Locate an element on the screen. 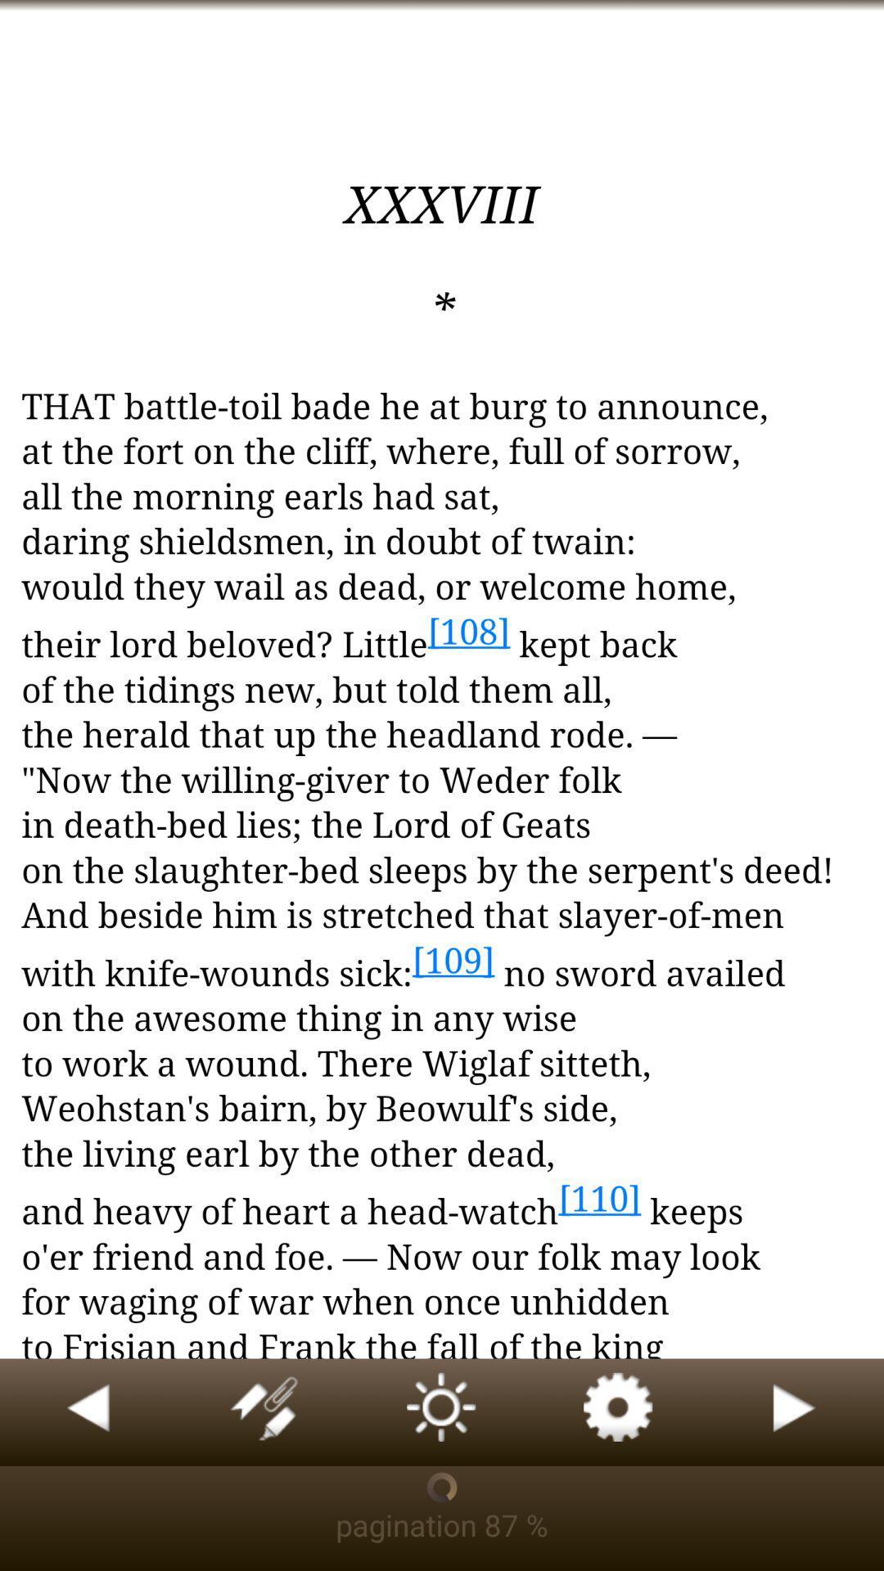 Image resolution: width=884 pixels, height=1571 pixels. previous is located at coordinates (88, 1411).